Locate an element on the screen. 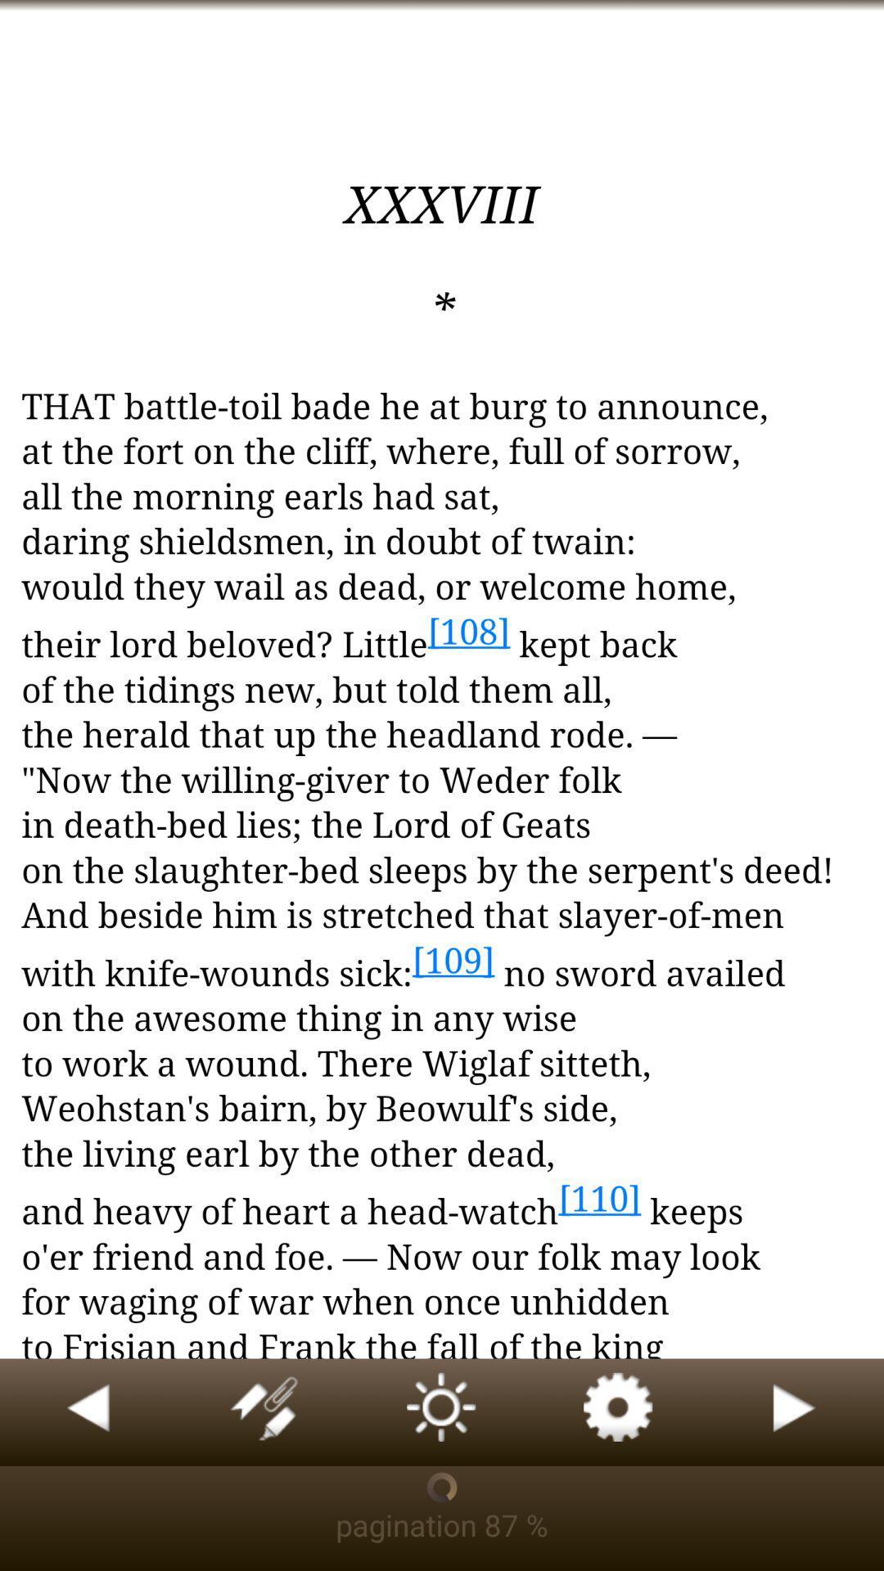 Image resolution: width=884 pixels, height=1571 pixels. previous is located at coordinates (88, 1411).